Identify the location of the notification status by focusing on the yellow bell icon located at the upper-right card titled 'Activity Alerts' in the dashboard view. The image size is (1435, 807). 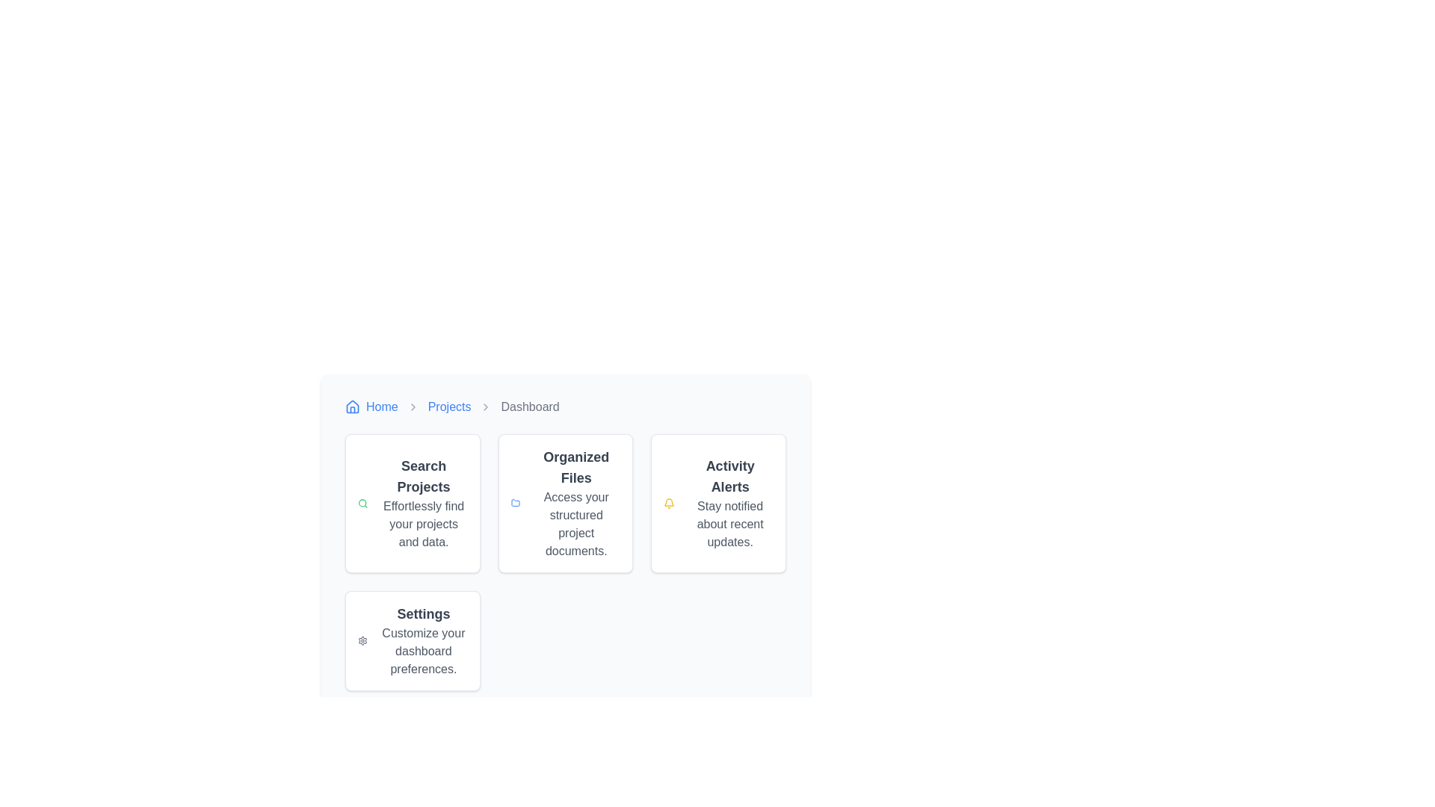
(668, 502).